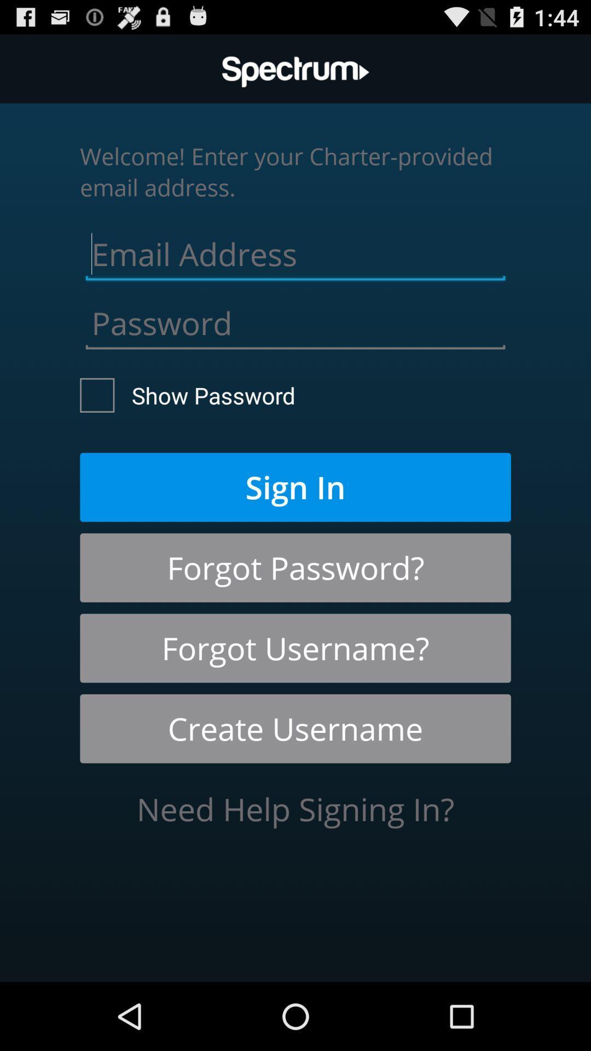  What do you see at coordinates (296, 487) in the screenshot?
I see `sign in item` at bounding box center [296, 487].